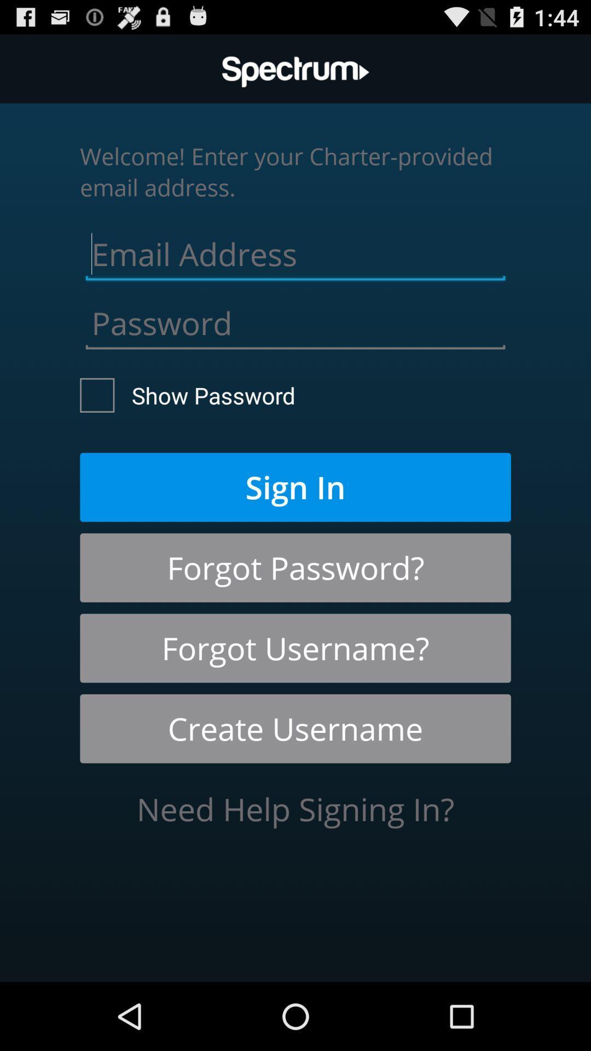  What do you see at coordinates (296, 487) in the screenshot?
I see `sign in item` at bounding box center [296, 487].